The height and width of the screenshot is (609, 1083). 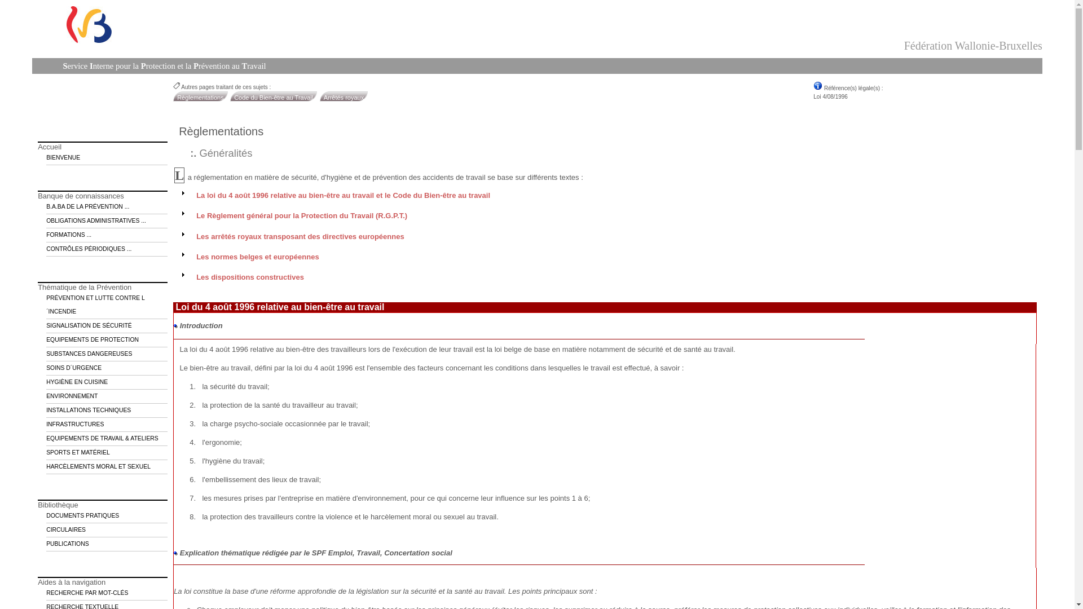 What do you see at coordinates (45, 530) in the screenshot?
I see `'CIRCULAIRES'` at bounding box center [45, 530].